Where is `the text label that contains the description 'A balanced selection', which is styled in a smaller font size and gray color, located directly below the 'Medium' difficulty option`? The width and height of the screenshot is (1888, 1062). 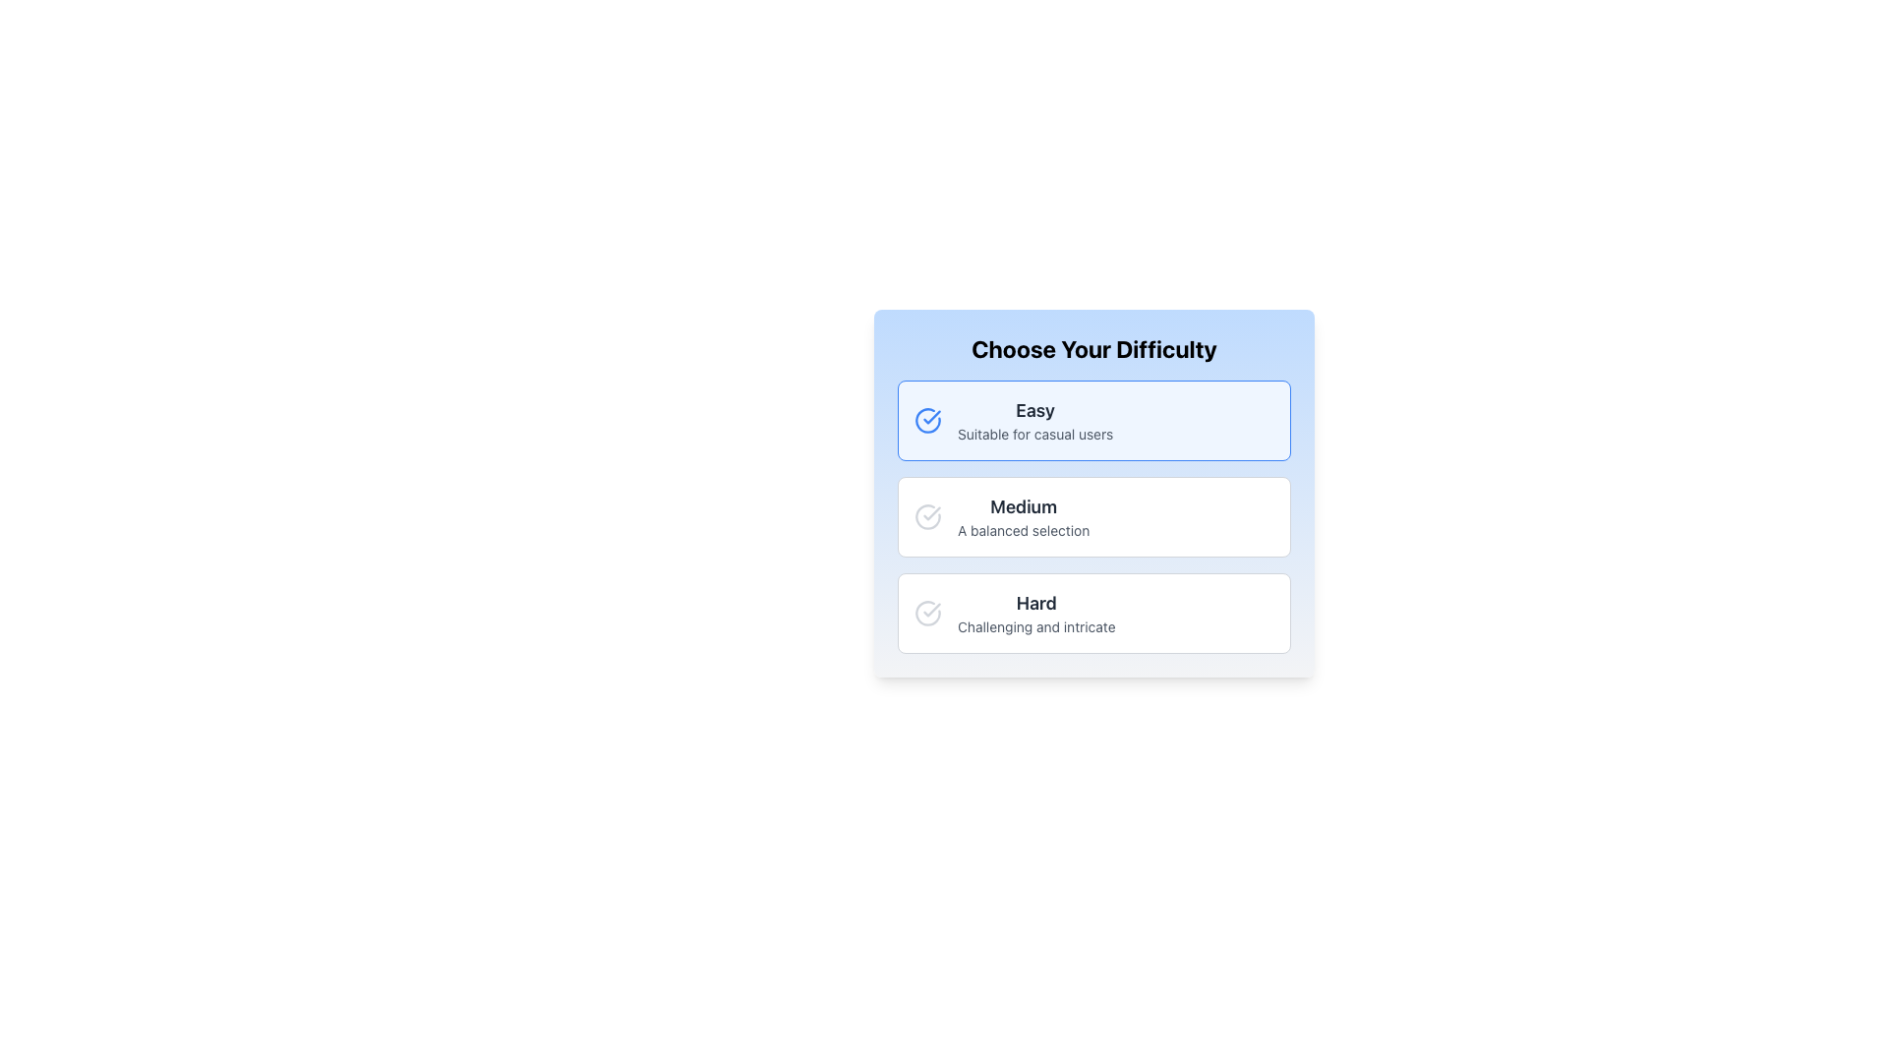
the text label that contains the description 'A balanced selection', which is styled in a smaller font size and gray color, located directly below the 'Medium' difficulty option is located at coordinates (1023, 531).